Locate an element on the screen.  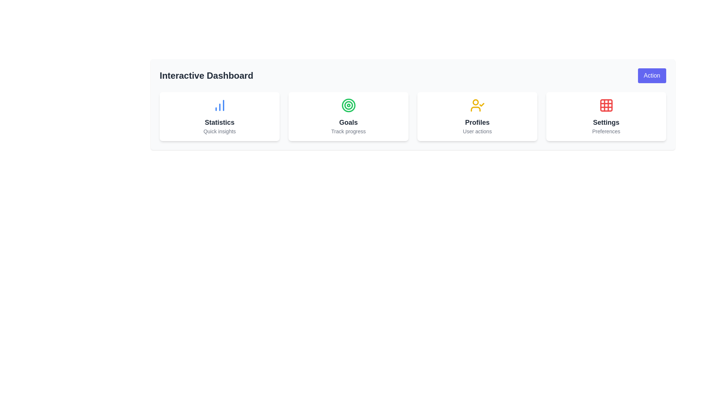
the Settings icon located centrally at the top of the Settings card, which is the fourth card in the dashboard options is located at coordinates (606, 105).